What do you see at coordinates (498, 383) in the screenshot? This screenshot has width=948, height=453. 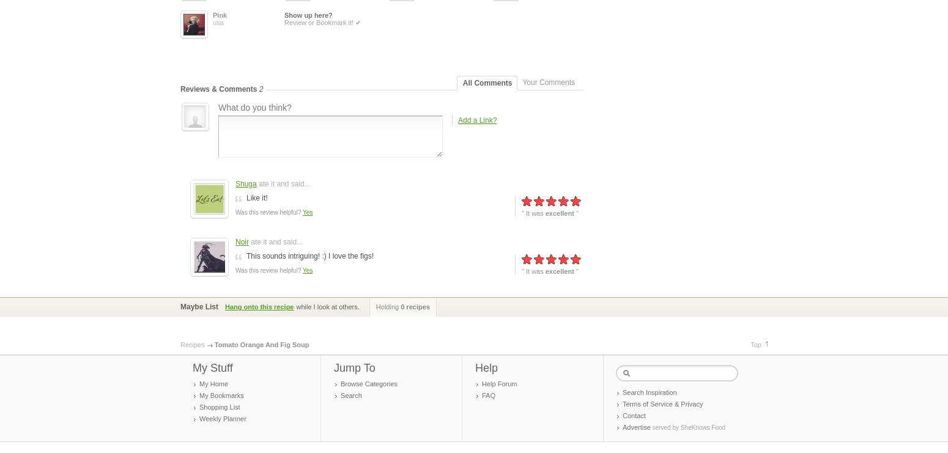 I see `'Help Forum'` at bounding box center [498, 383].